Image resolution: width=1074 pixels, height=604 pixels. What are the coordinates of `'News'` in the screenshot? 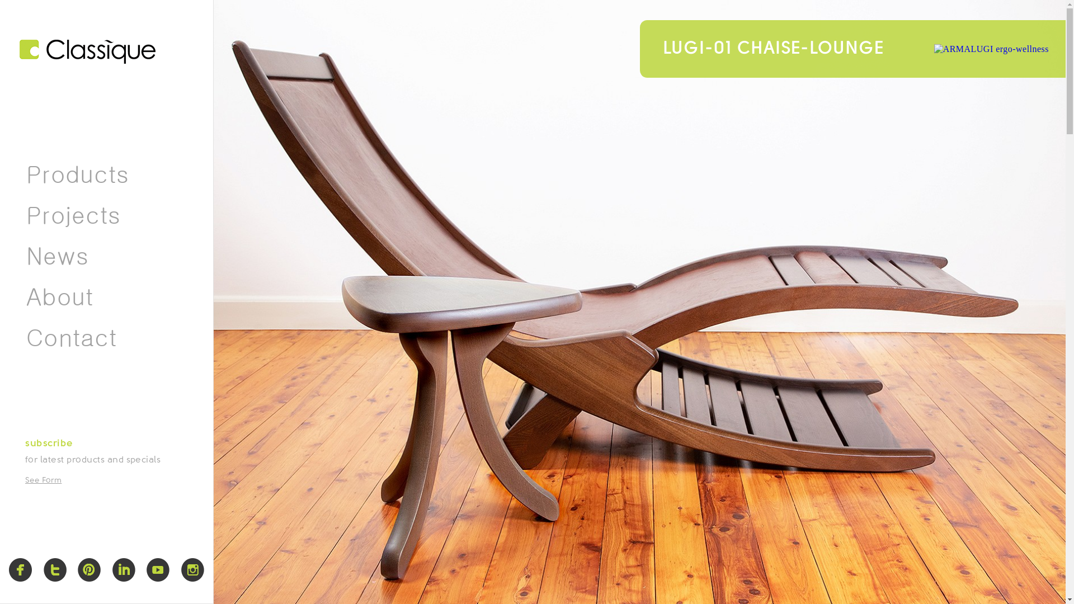 It's located at (56, 256).